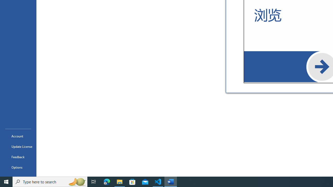 This screenshot has width=333, height=187. Describe the element at coordinates (76, 181) in the screenshot. I see `'Search highlights icon opens search home window'` at that location.